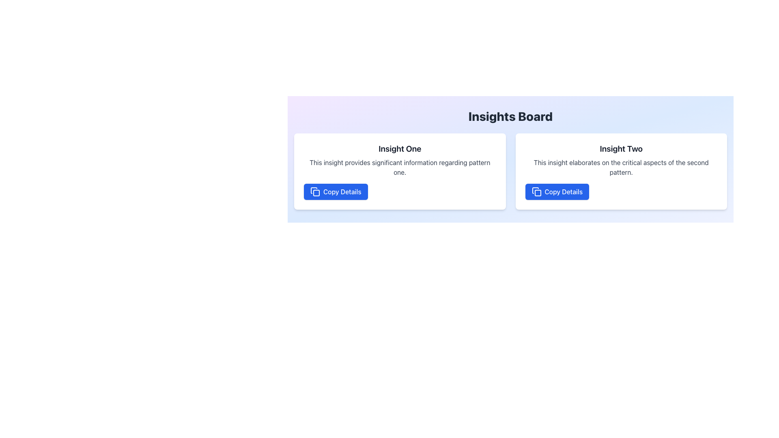 This screenshot has height=438, width=779. What do you see at coordinates (316, 193) in the screenshot?
I see `the small blue square icon with rounded corners inside the 'Copy Details' button` at bounding box center [316, 193].